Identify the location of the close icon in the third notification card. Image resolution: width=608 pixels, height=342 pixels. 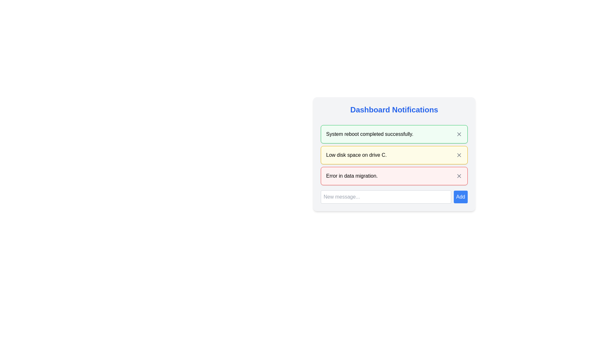
(459, 176).